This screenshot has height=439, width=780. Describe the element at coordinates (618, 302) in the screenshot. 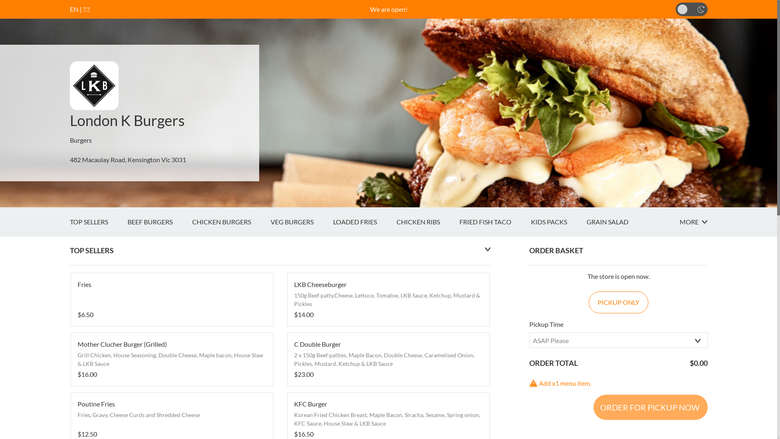

I see `'PICKUP ONLY'` at that location.